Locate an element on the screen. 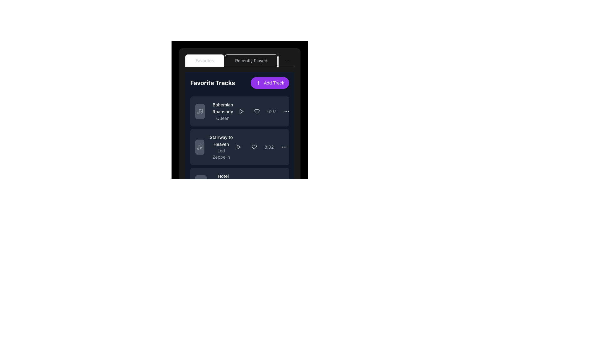 The width and height of the screenshot is (601, 338). the music note icon located to the left of the 'Stairway to Heaven' list item in the 'Favorite Tracks' panel is located at coordinates (200, 146).